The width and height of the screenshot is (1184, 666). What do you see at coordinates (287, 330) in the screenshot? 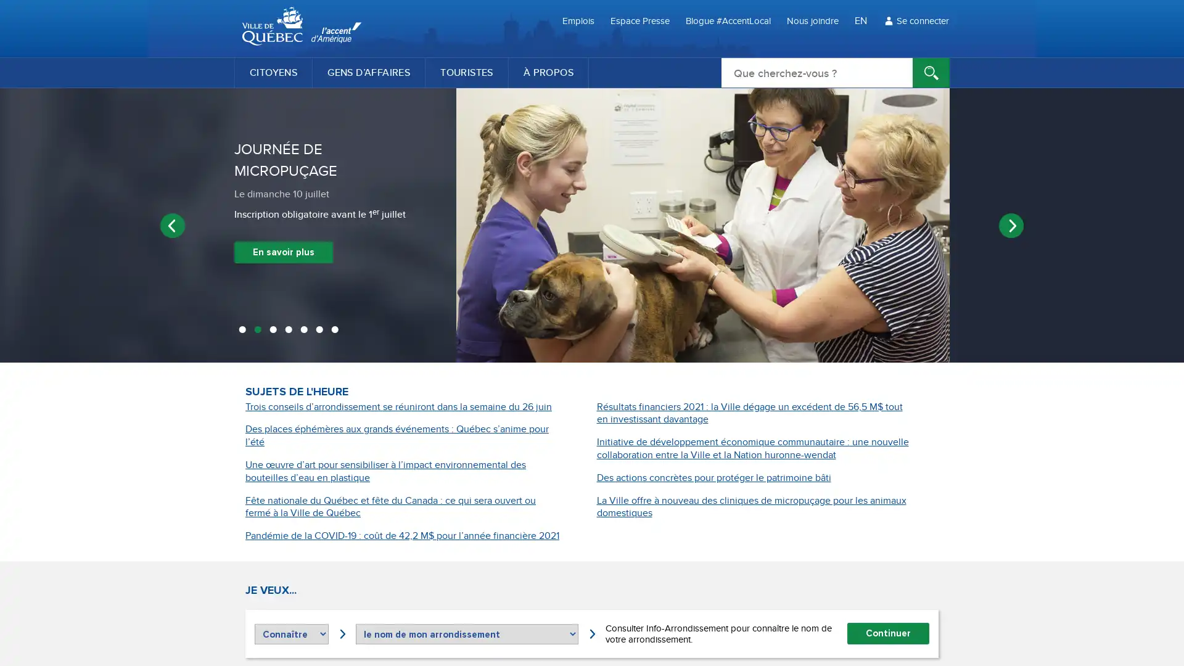
I see `Diapositive numero 4` at bounding box center [287, 330].